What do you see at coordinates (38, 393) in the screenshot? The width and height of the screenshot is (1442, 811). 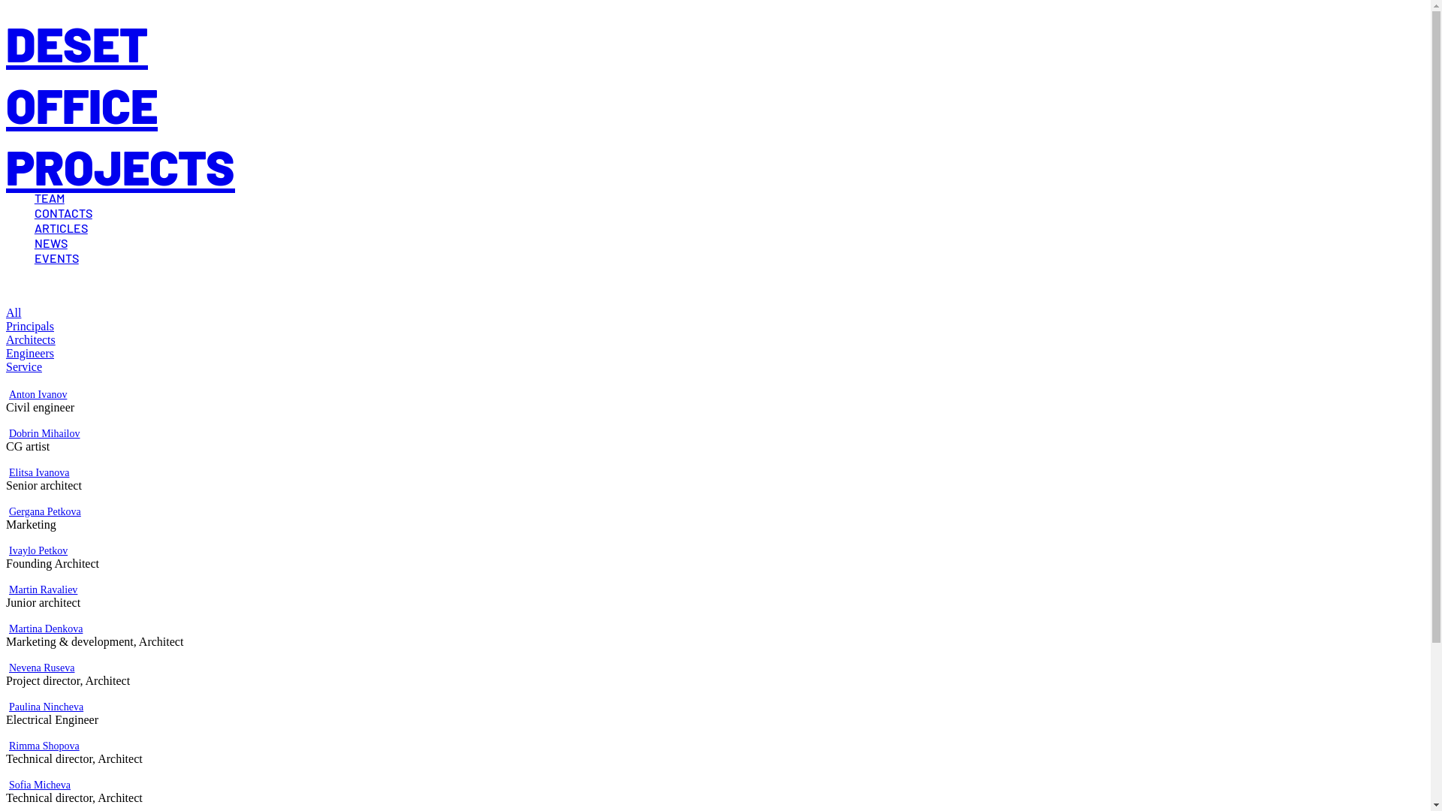 I see `'Anton Ivanov'` at bounding box center [38, 393].